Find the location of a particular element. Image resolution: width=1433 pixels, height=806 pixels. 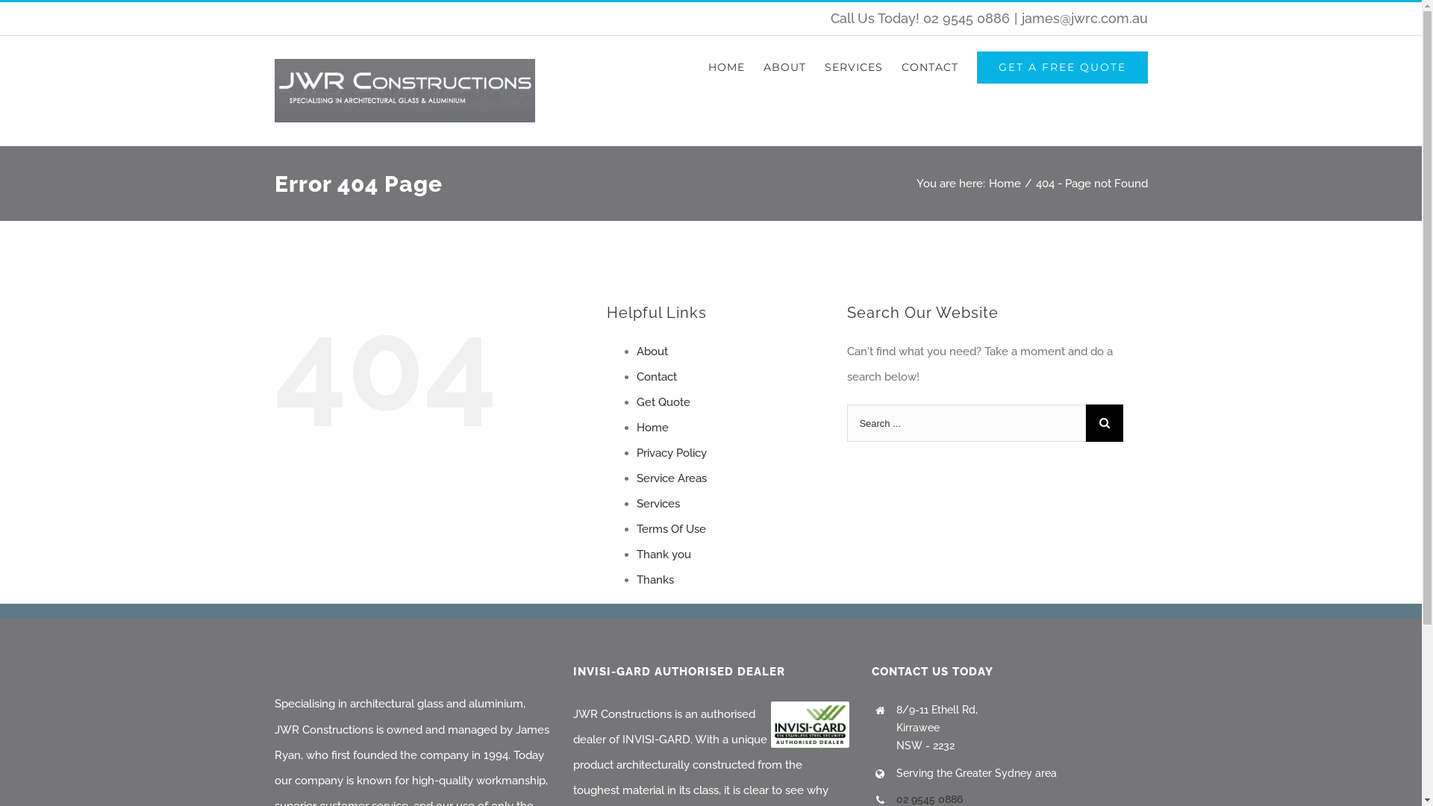

'Thanks' is located at coordinates (655, 578).